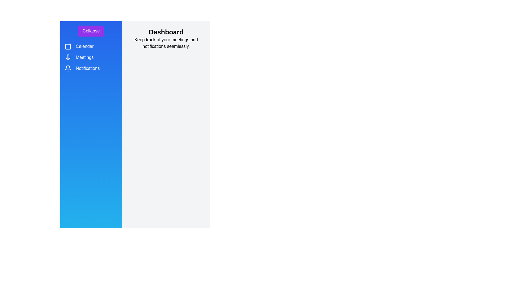 The width and height of the screenshot is (529, 297). I want to click on the navigation item Notifications, so click(68, 68).